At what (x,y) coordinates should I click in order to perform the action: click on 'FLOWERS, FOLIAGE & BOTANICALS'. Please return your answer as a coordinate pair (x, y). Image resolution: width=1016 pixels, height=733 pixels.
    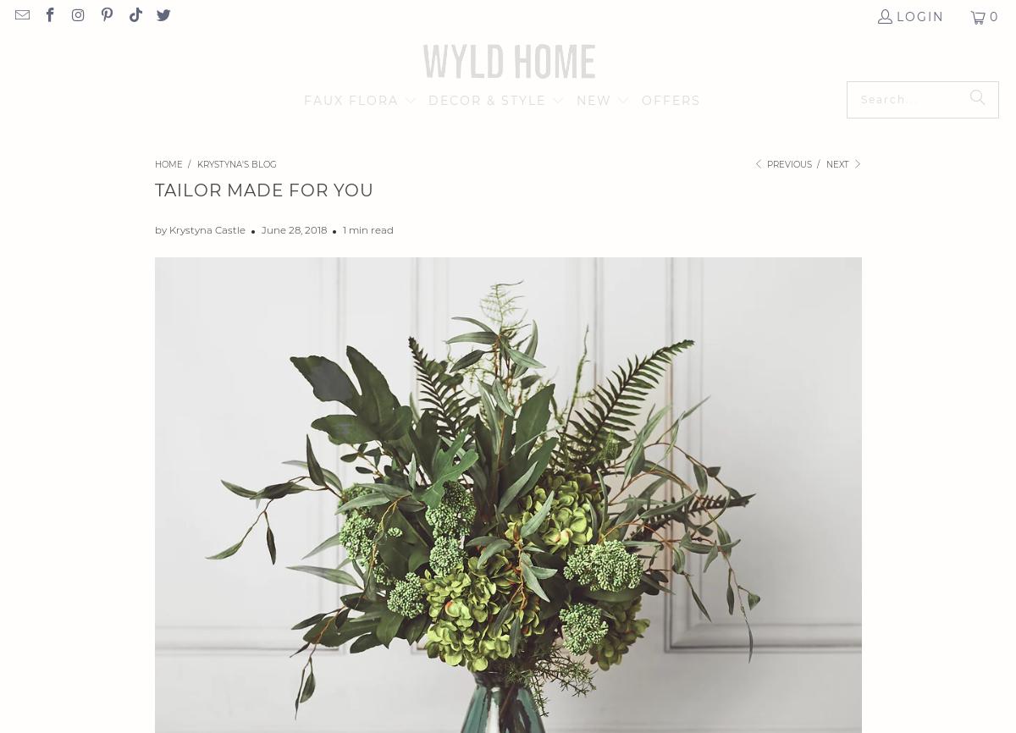
    Looking at the image, I should click on (400, 150).